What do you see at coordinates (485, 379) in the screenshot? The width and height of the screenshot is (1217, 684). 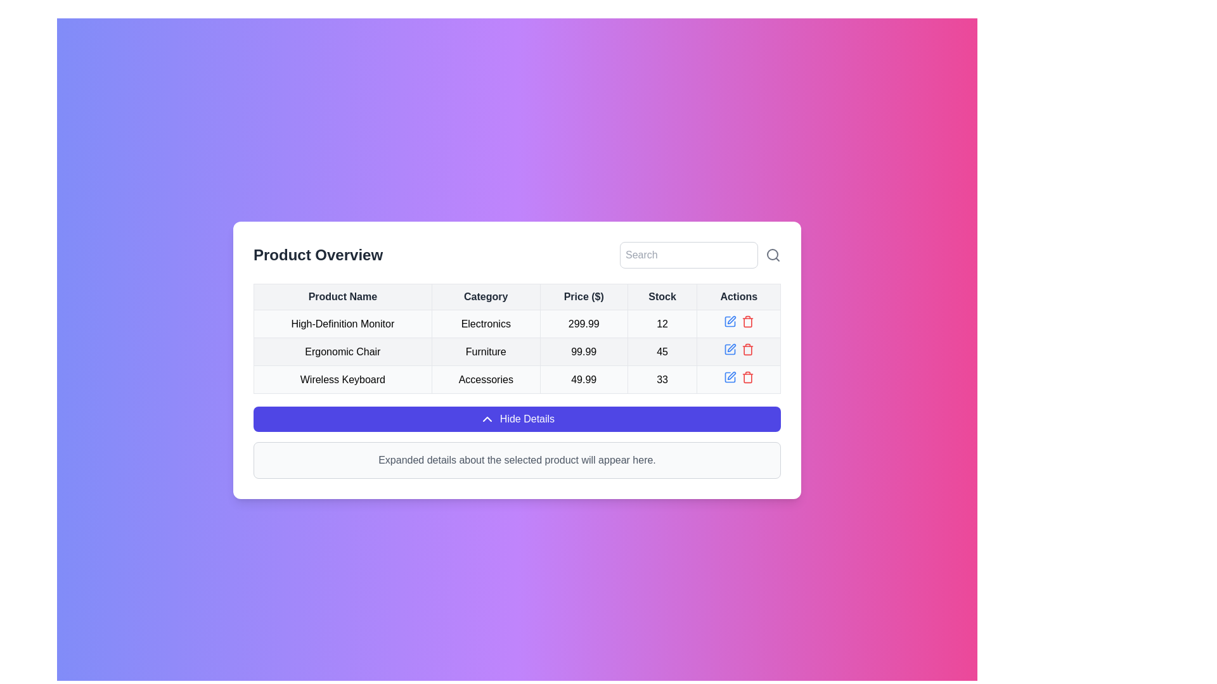 I see `the 'Category' text cell in the table that describes the 'Wireless Keyboard' item` at bounding box center [485, 379].